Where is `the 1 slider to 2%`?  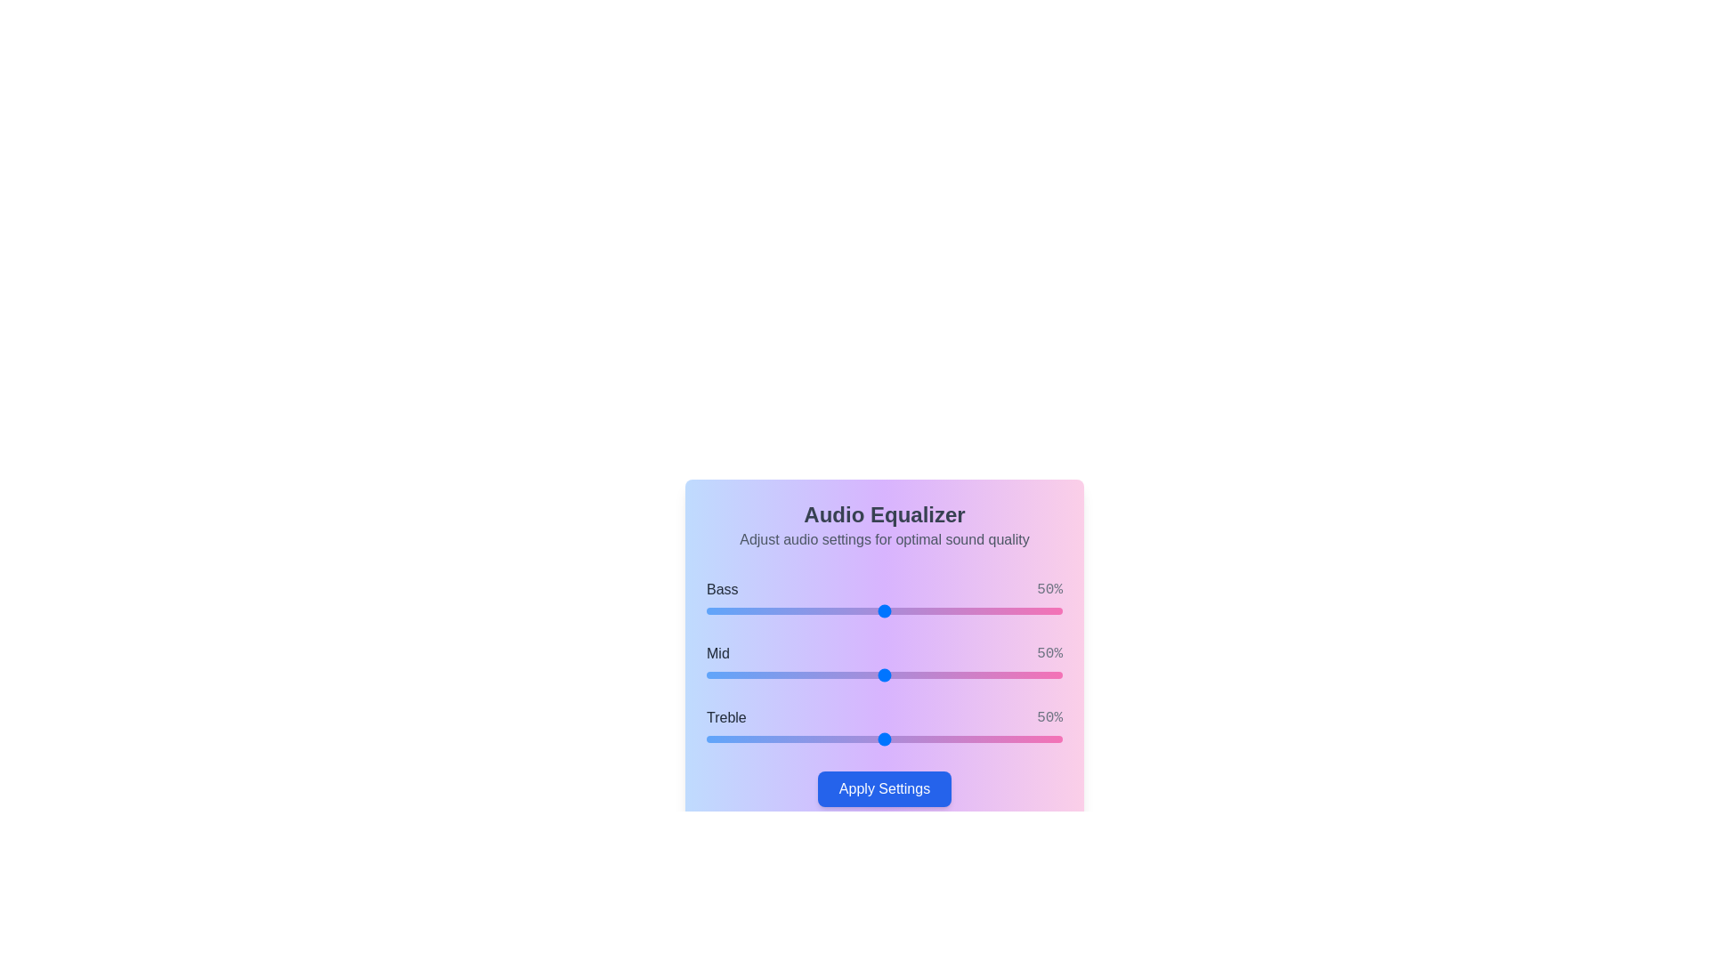
the 1 slider to 2% is located at coordinates (713, 675).